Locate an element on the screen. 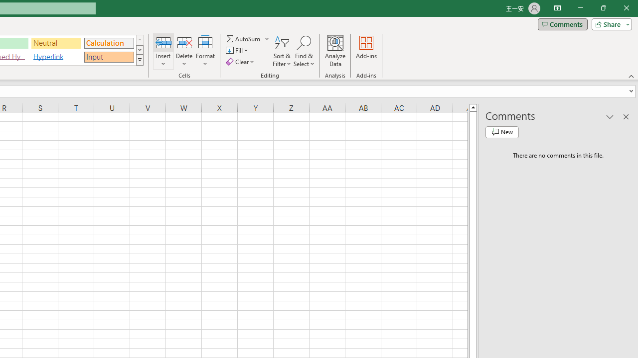 The height and width of the screenshot is (358, 638). 'Share' is located at coordinates (609, 23).